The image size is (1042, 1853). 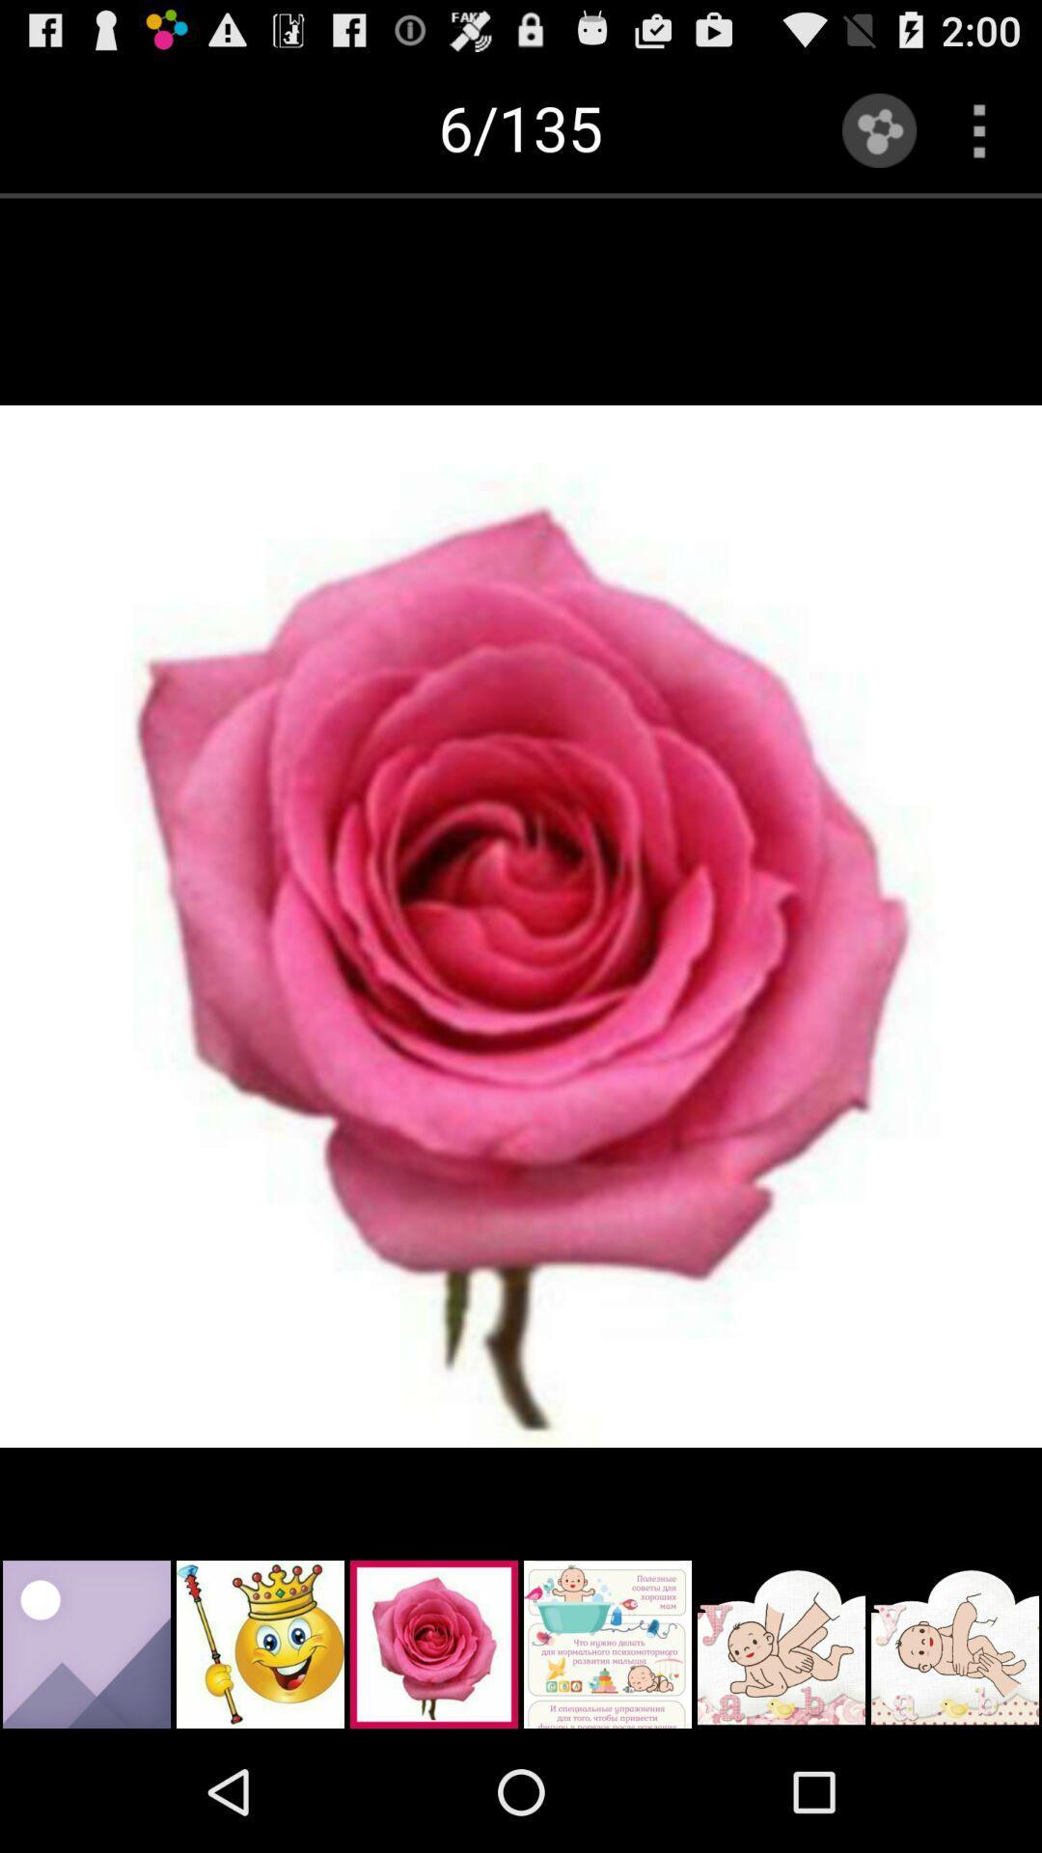 I want to click on options, so click(x=979, y=129).